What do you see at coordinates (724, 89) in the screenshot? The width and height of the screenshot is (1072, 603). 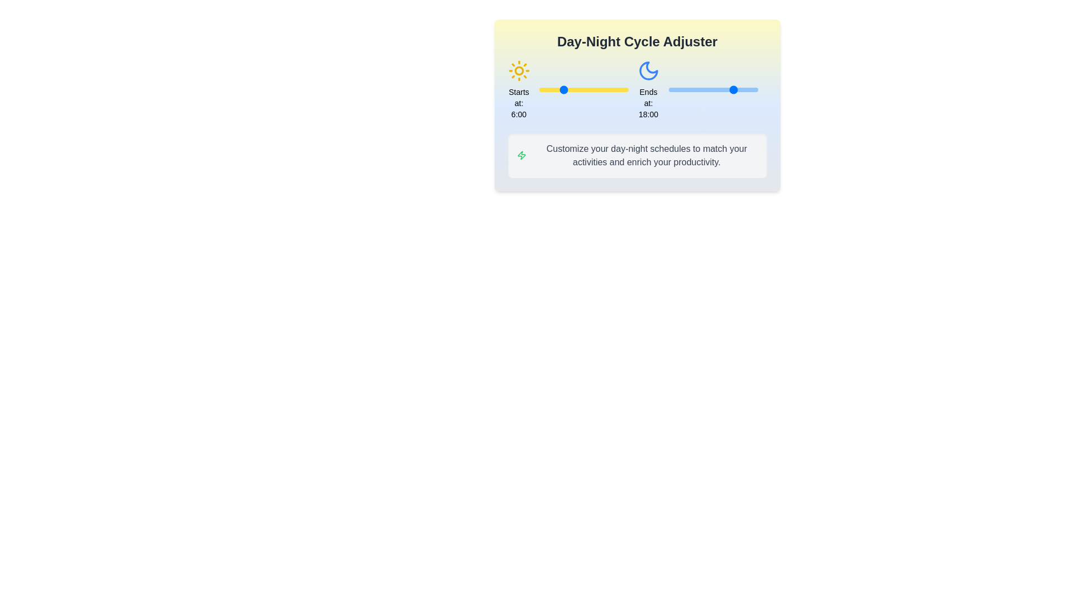 I see `the end time of the day cycle to 15 hours using the right slider` at bounding box center [724, 89].